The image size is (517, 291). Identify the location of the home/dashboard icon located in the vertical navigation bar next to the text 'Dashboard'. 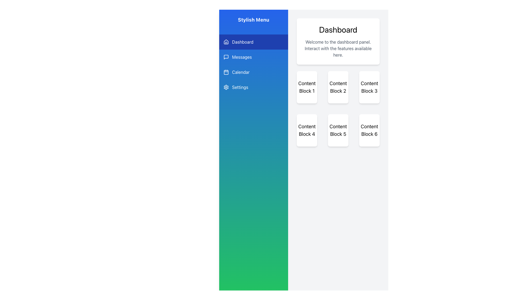
(226, 41).